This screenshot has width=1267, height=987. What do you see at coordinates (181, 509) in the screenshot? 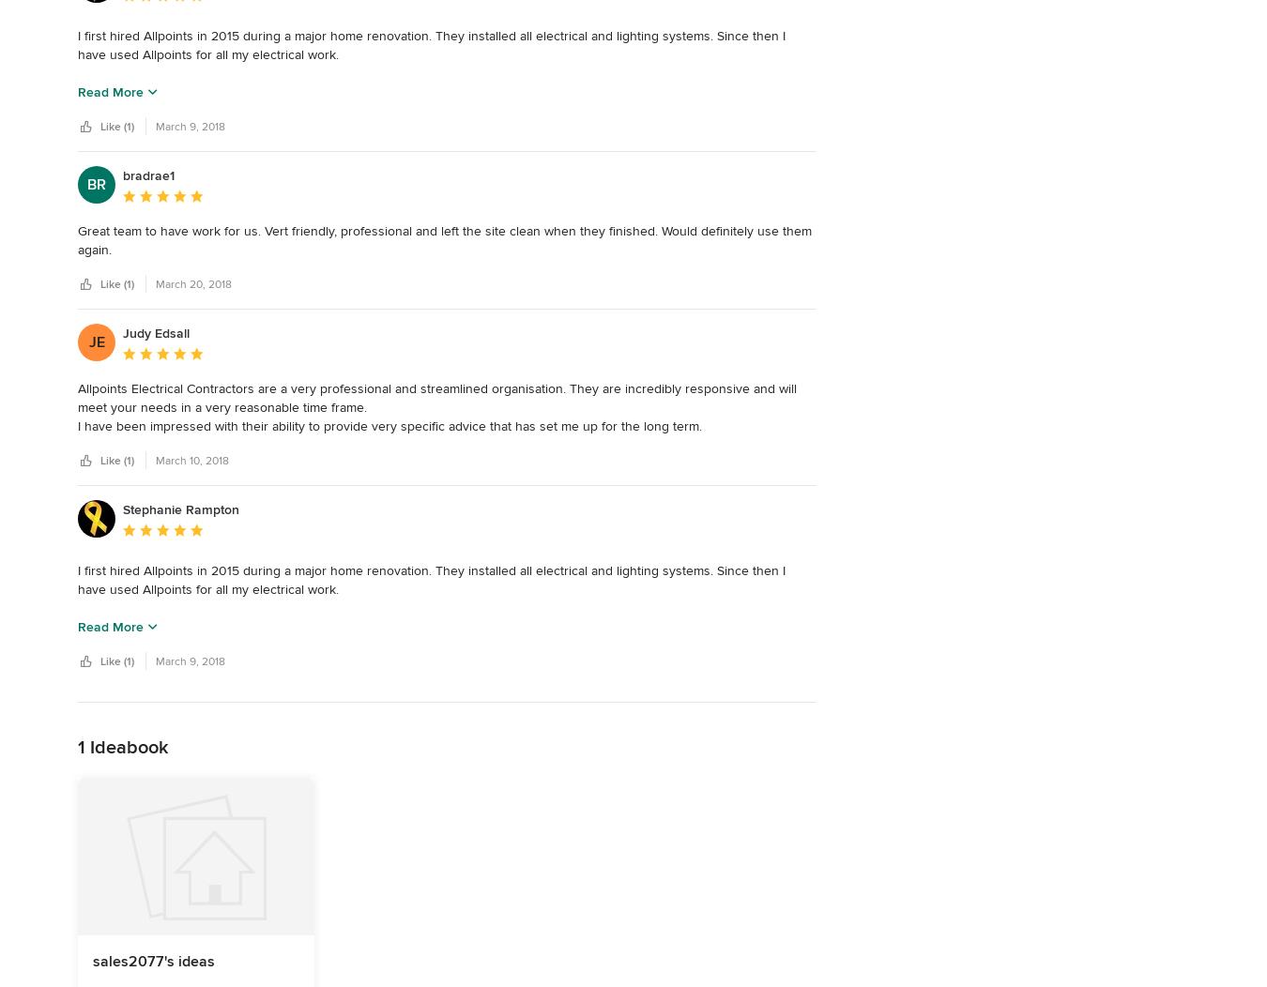
I see `'Stephanie Rampton'` at bounding box center [181, 509].